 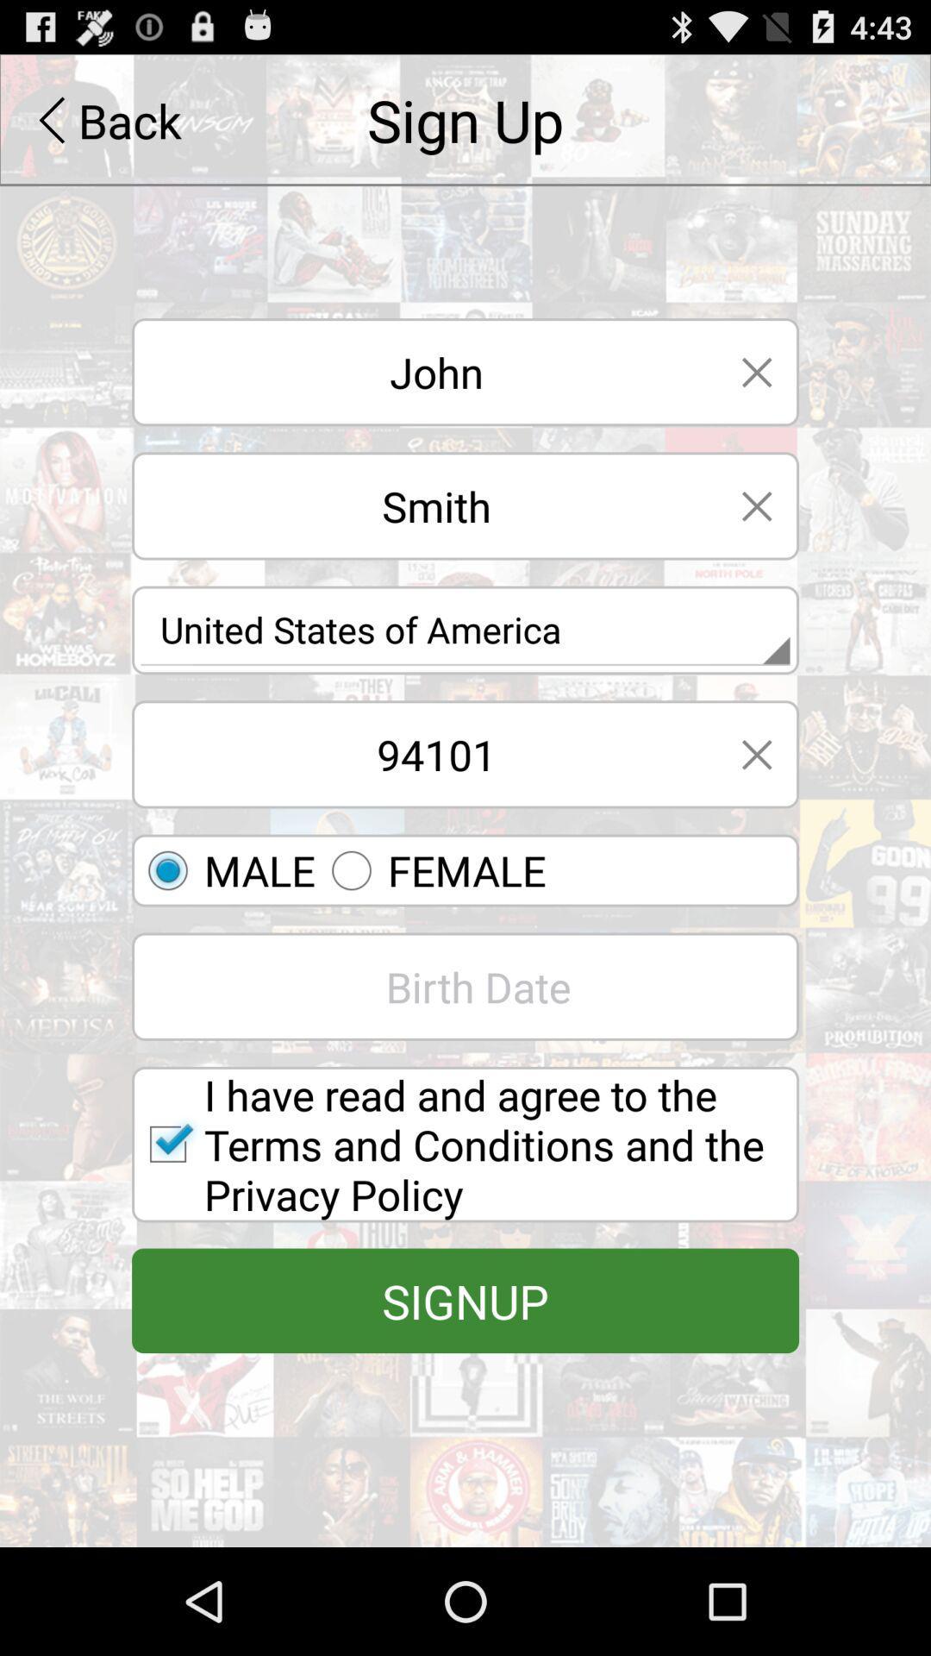 What do you see at coordinates (756, 754) in the screenshot?
I see `a  x  which is after 94101 on a page` at bounding box center [756, 754].